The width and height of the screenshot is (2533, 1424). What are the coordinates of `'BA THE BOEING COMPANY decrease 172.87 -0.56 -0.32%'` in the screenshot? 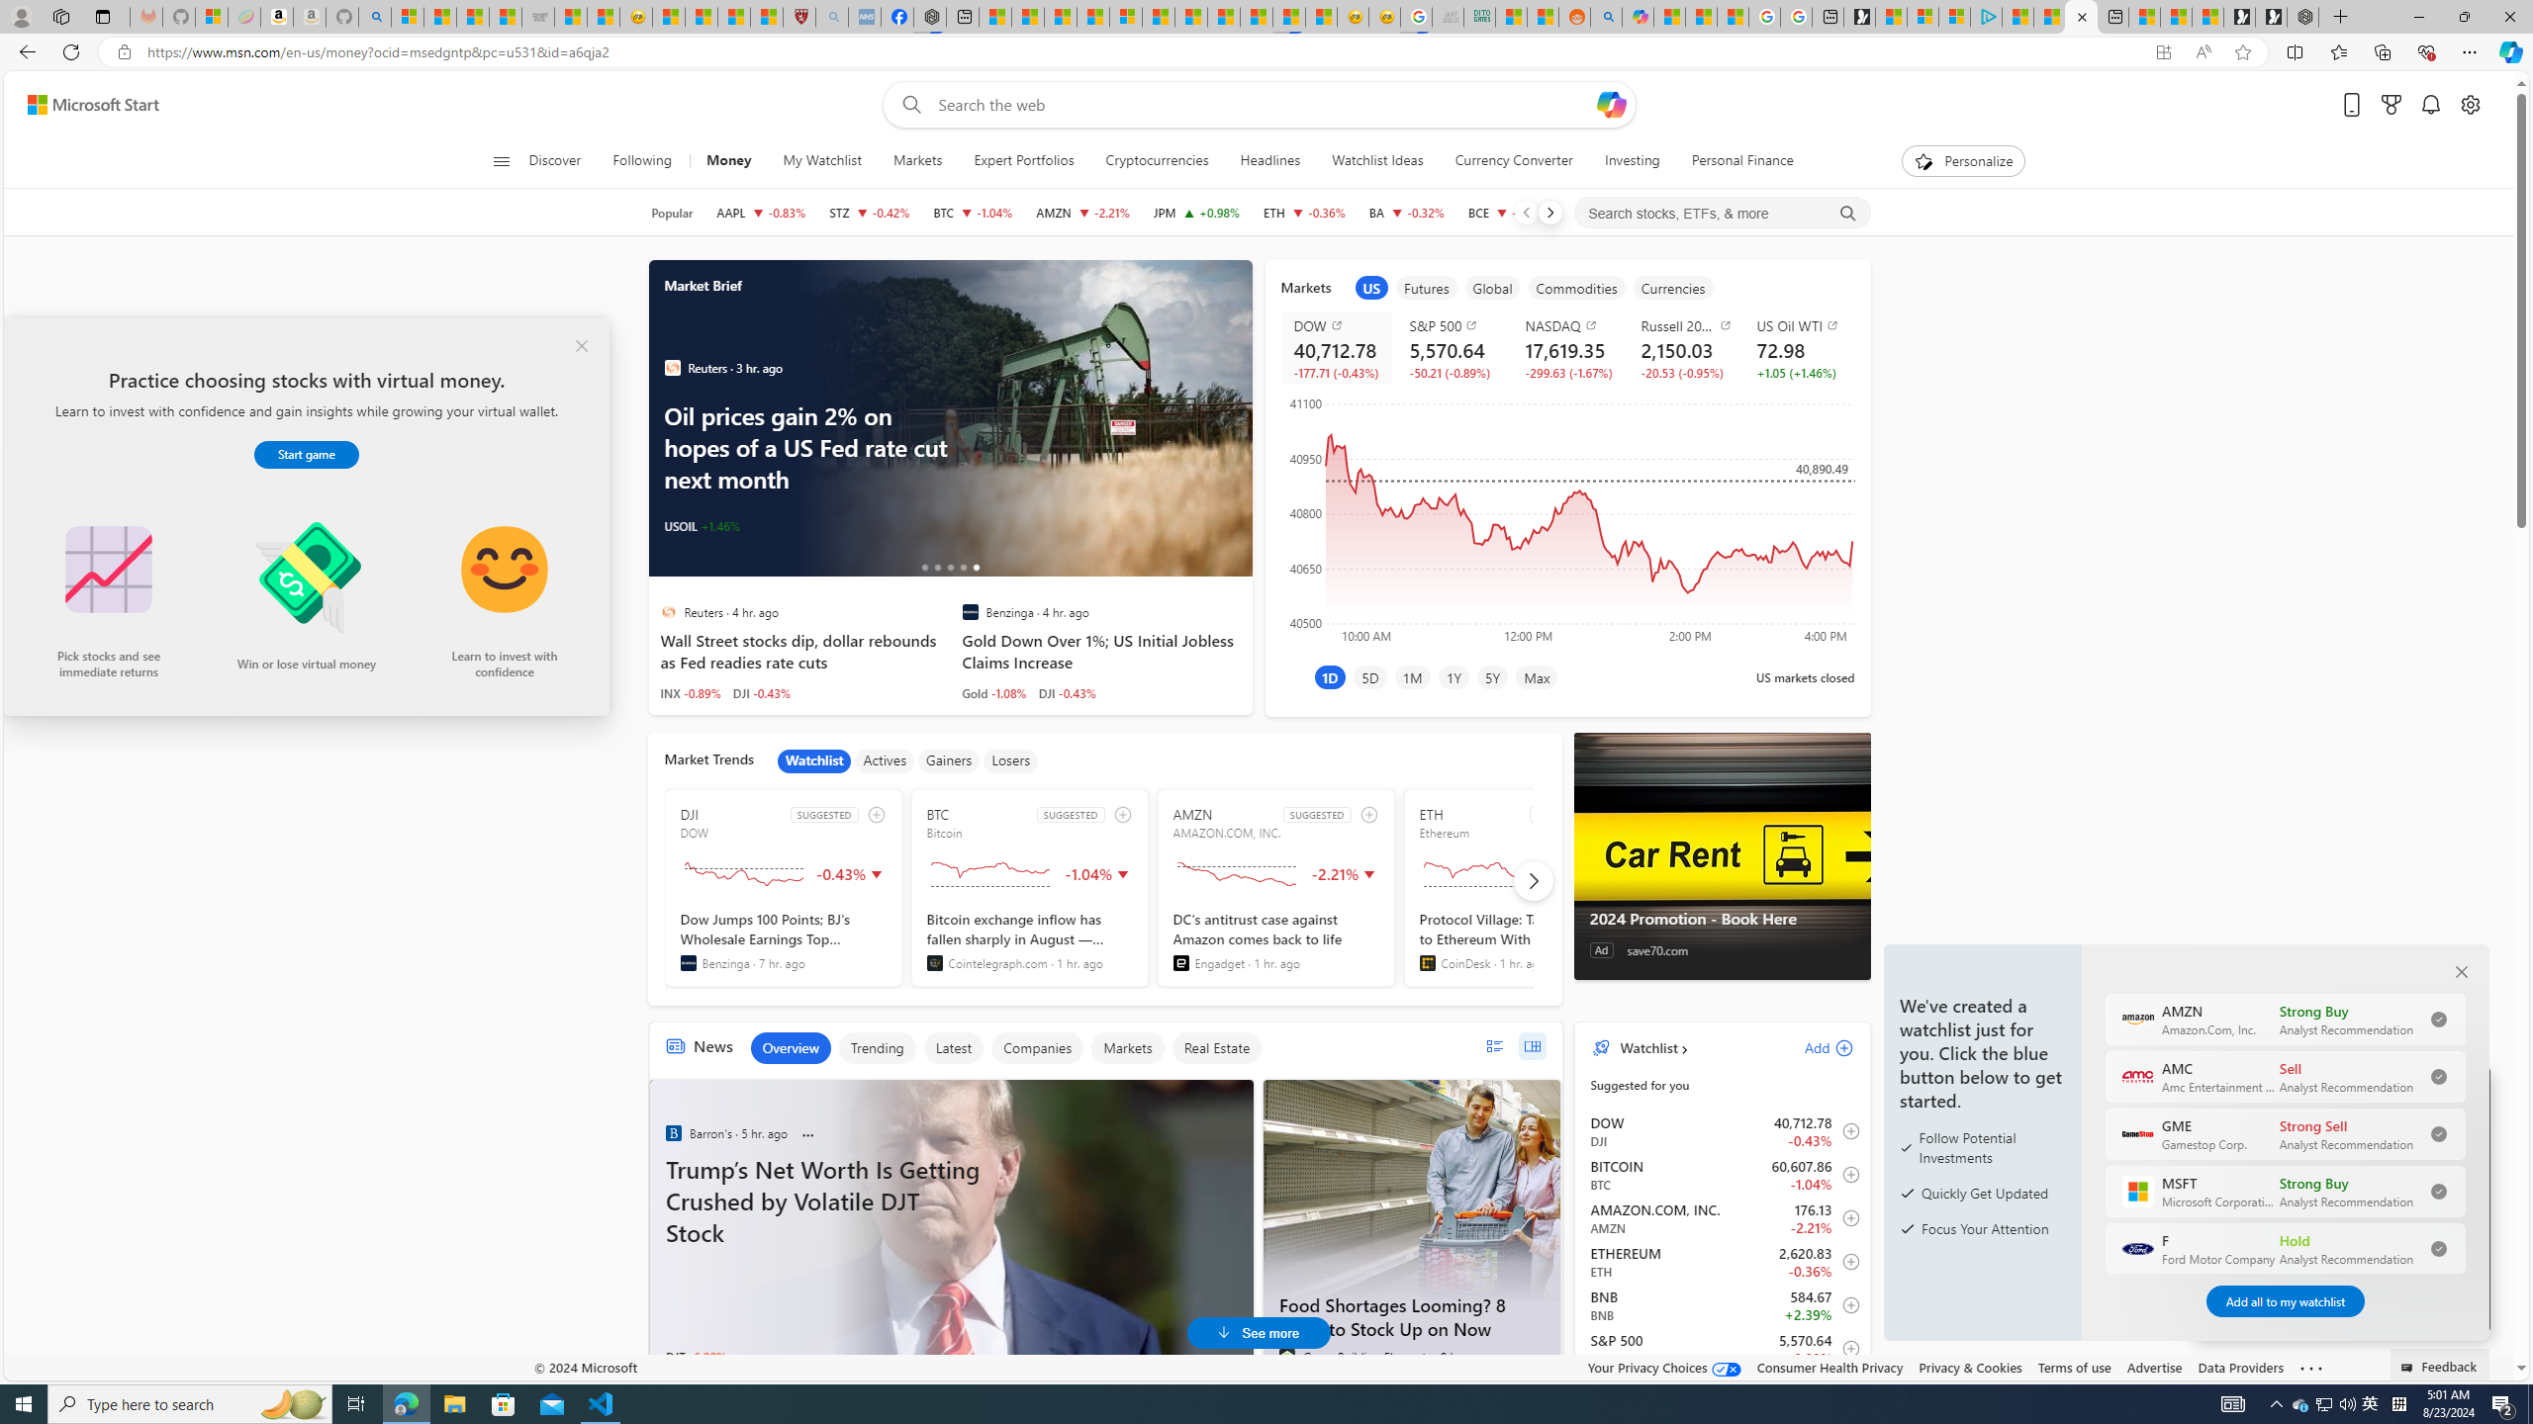 It's located at (1407, 212).